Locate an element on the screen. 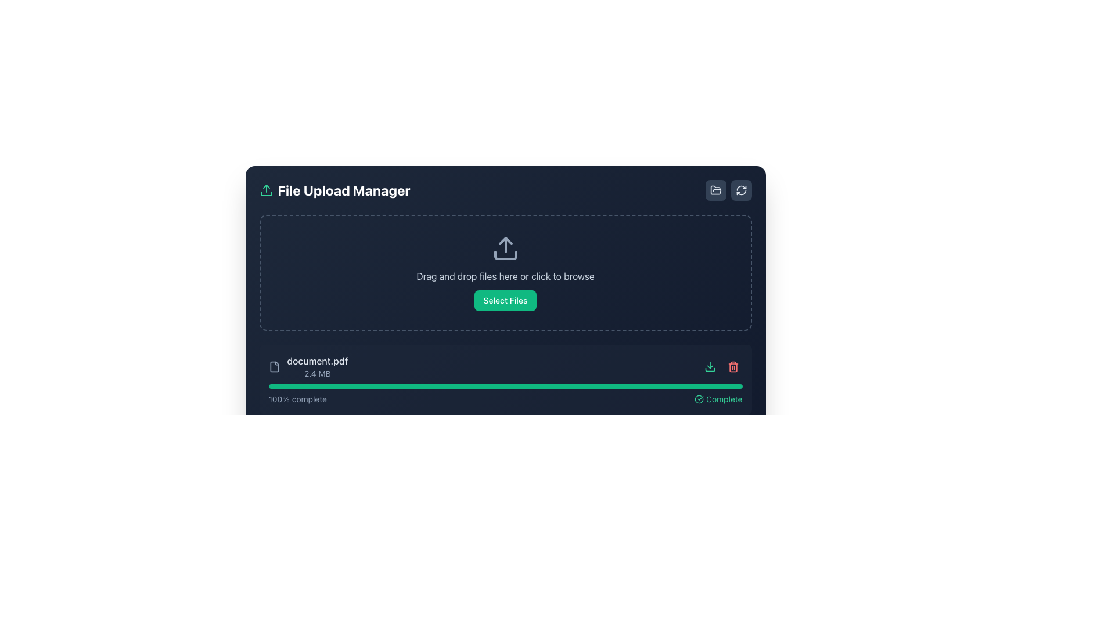 The height and width of the screenshot is (627, 1115). the instructional text label that guides users to drag and drop files or click to browse for files, located centrally below the upload icon and above the 'Select Files' button is located at coordinates (505, 276).